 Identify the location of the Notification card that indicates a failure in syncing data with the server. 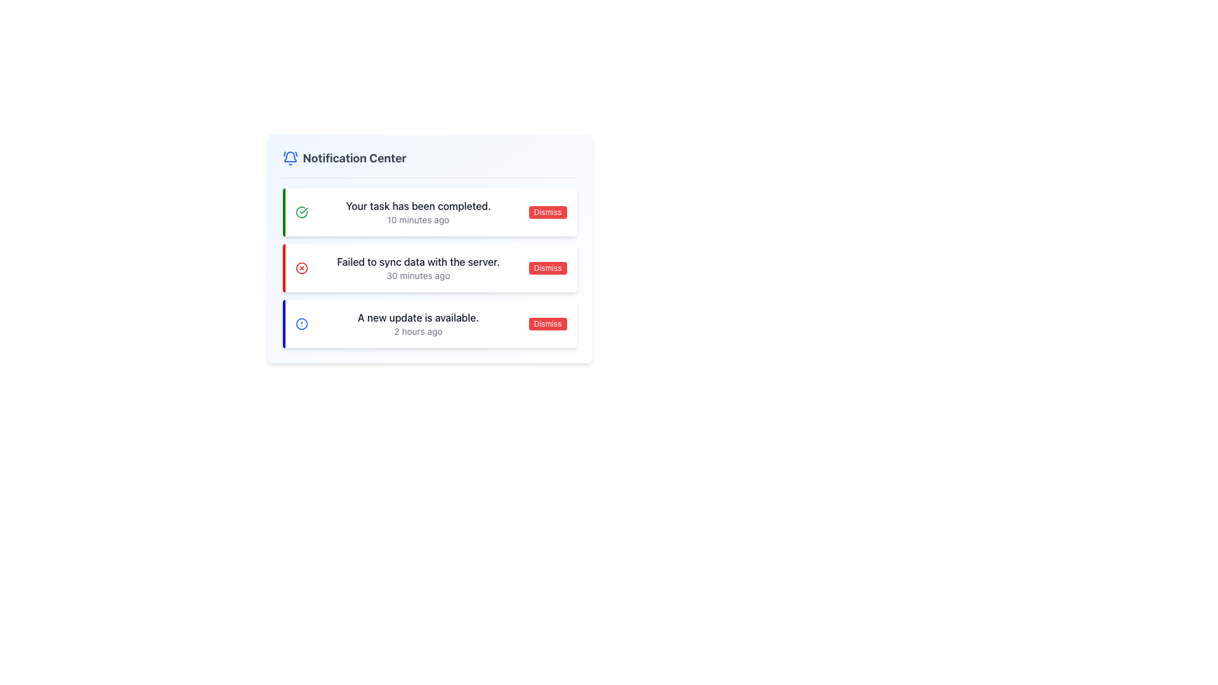
(429, 268).